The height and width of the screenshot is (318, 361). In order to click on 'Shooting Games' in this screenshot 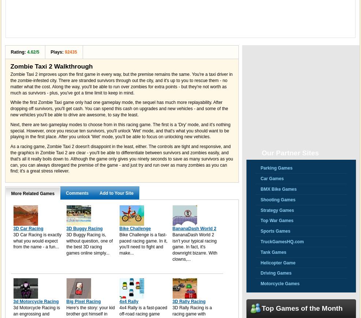, I will do `click(260, 199)`.